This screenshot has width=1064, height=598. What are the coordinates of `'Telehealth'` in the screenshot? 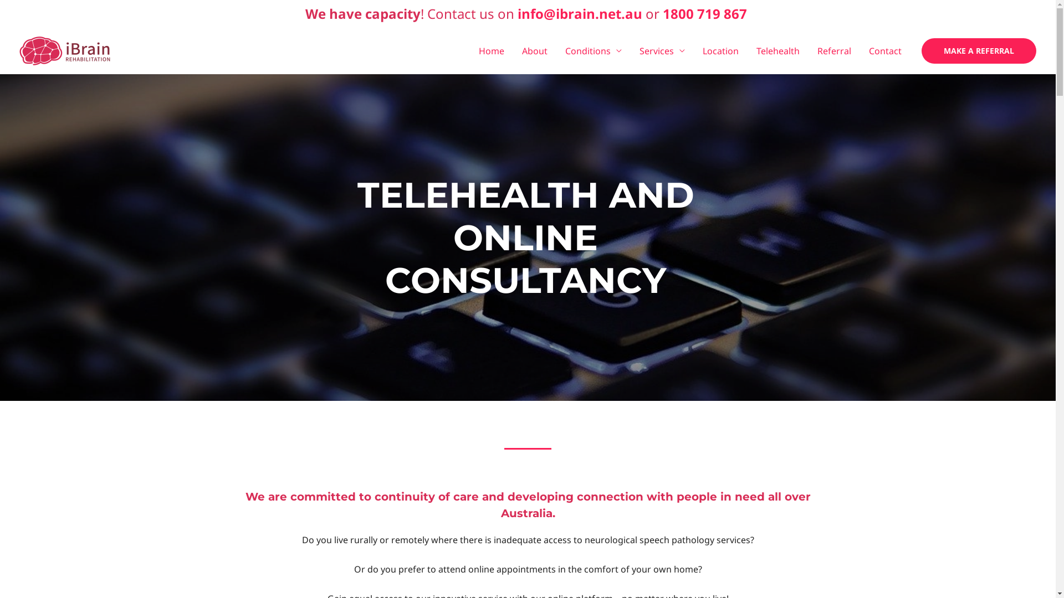 It's located at (777, 51).